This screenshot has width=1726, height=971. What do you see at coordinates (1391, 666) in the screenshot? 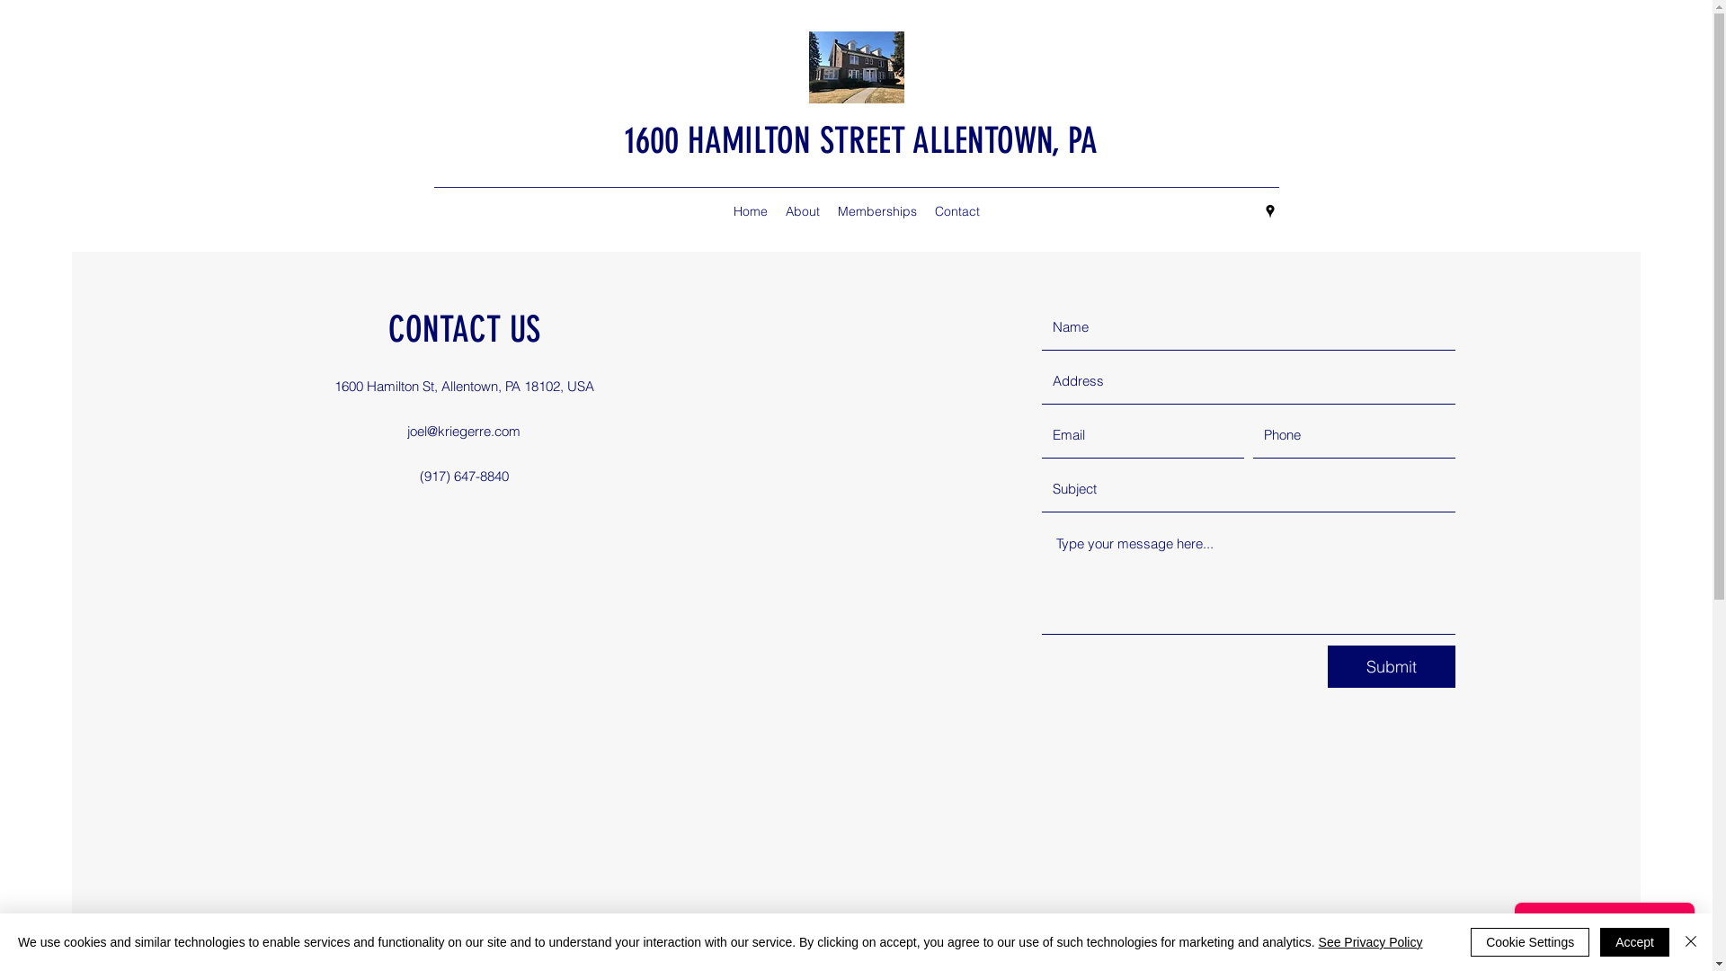
I see `'Submit'` at bounding box center [1391, 666].